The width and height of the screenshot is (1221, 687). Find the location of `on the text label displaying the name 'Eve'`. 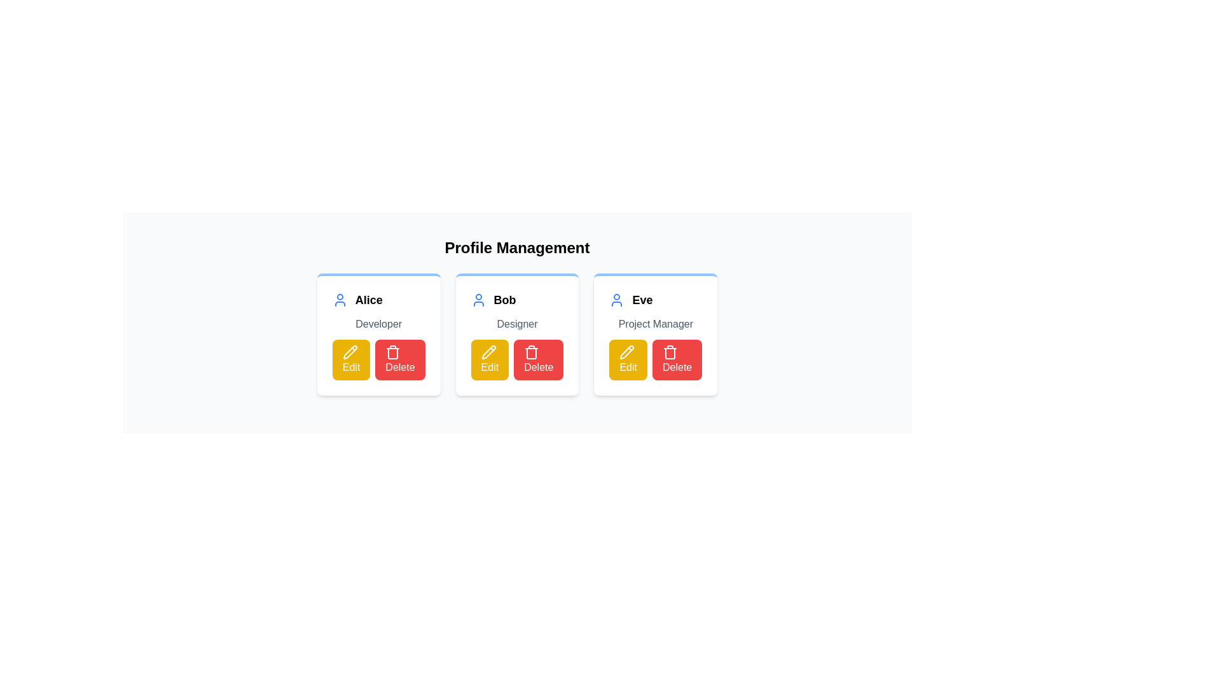

on the text label displaying the name 'Eve' is located at coordinates (642, 300).